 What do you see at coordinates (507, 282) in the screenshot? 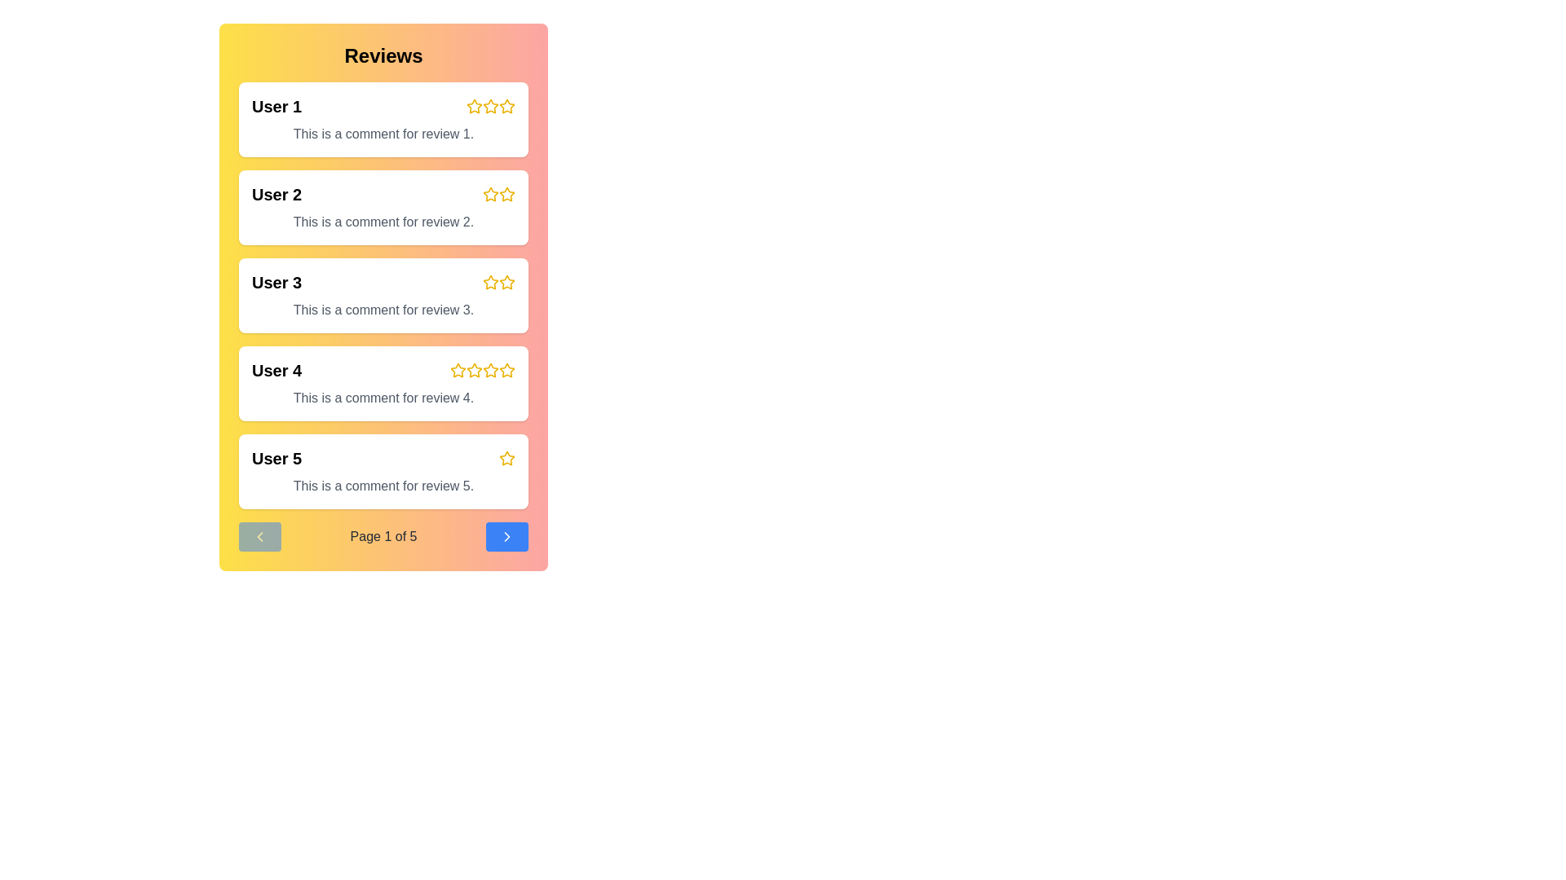
I see `the second star in the rating row for the third review titled 'User 3' to change its state` at bounding box center [507, 282].